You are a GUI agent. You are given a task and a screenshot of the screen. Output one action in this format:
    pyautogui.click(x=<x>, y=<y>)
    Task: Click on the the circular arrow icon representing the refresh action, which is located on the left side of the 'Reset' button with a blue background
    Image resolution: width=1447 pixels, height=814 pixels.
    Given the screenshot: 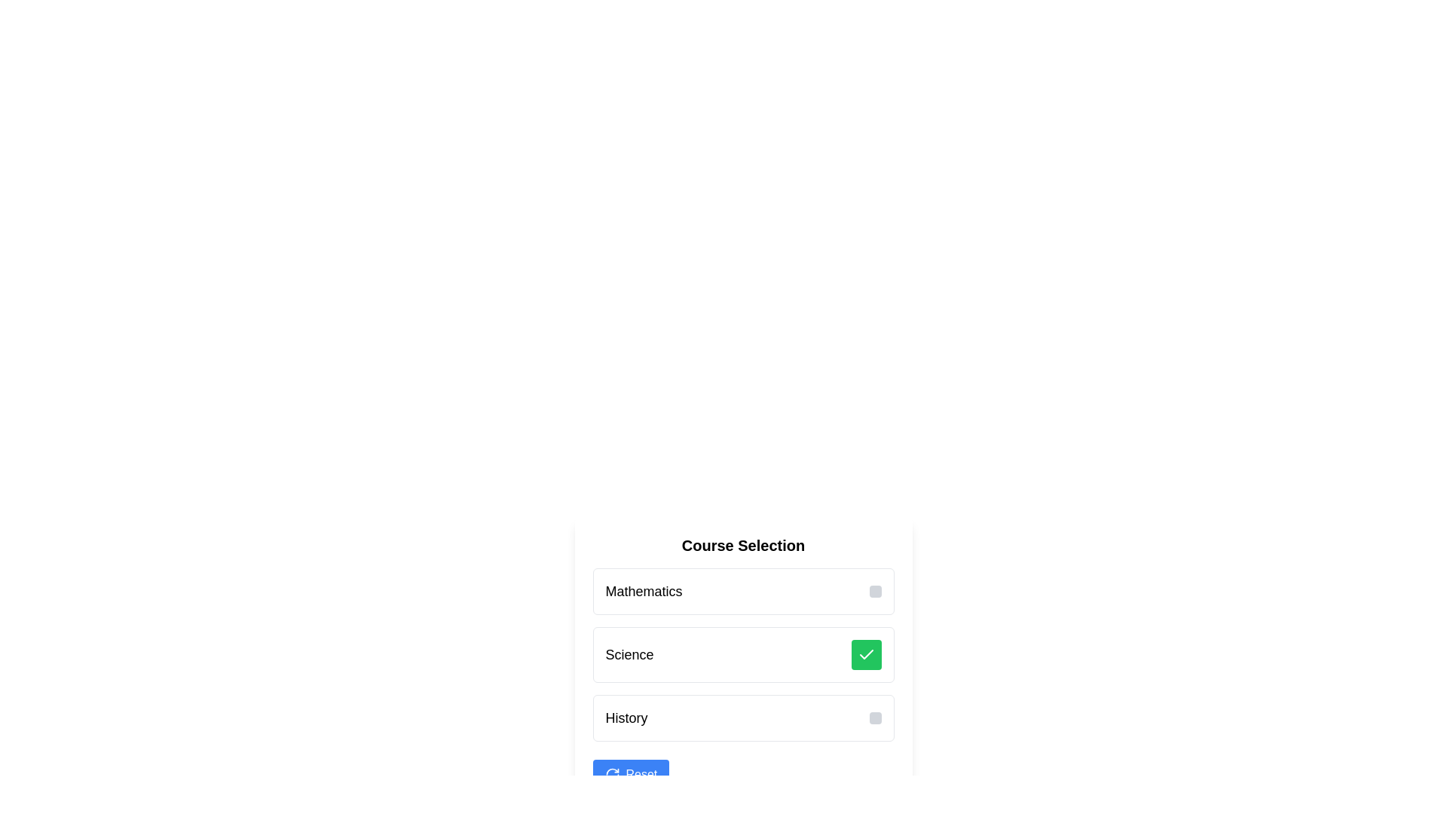 What is the action you would take?
    pyautogui.click(x=612, y=775)
    